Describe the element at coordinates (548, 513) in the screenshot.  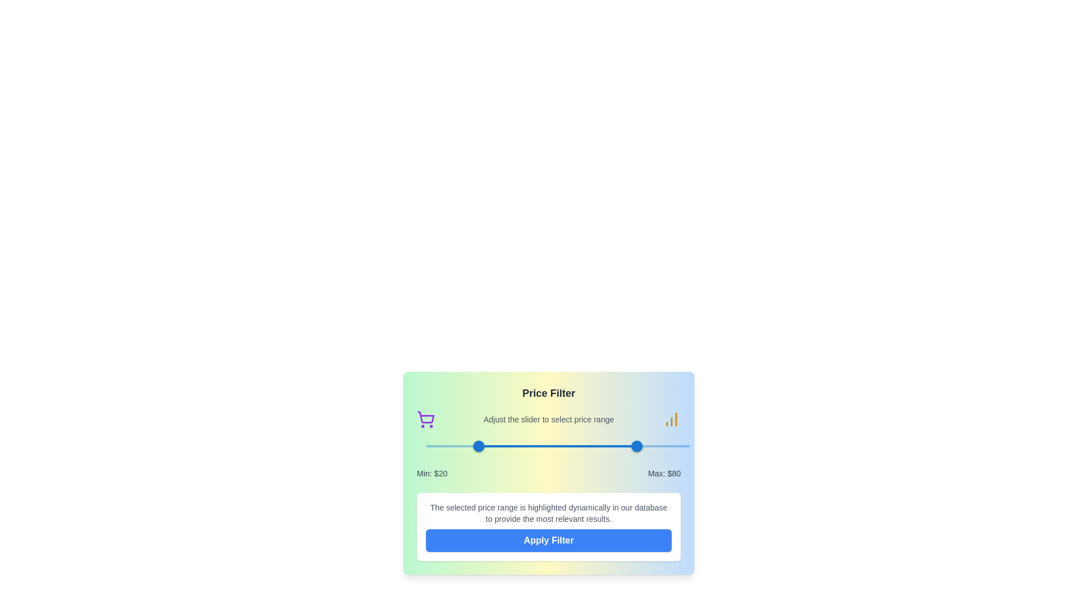
I see `the static textual content that displays the sentence: 'The selected price range is highlighted dynamically in our database to provide the most relevant results.'` at that location.